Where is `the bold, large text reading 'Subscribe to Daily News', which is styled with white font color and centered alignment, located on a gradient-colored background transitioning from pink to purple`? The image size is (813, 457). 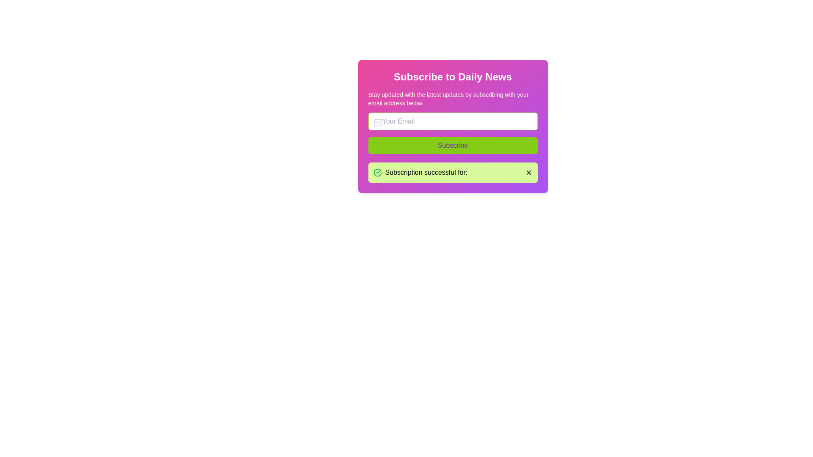 the bold, large text reading 'Subscribe to Daily News', which is styled with white font color and centered alignment, located on a gradient-colored background transitioning from pink to purple is located at coordinates (452, 77).